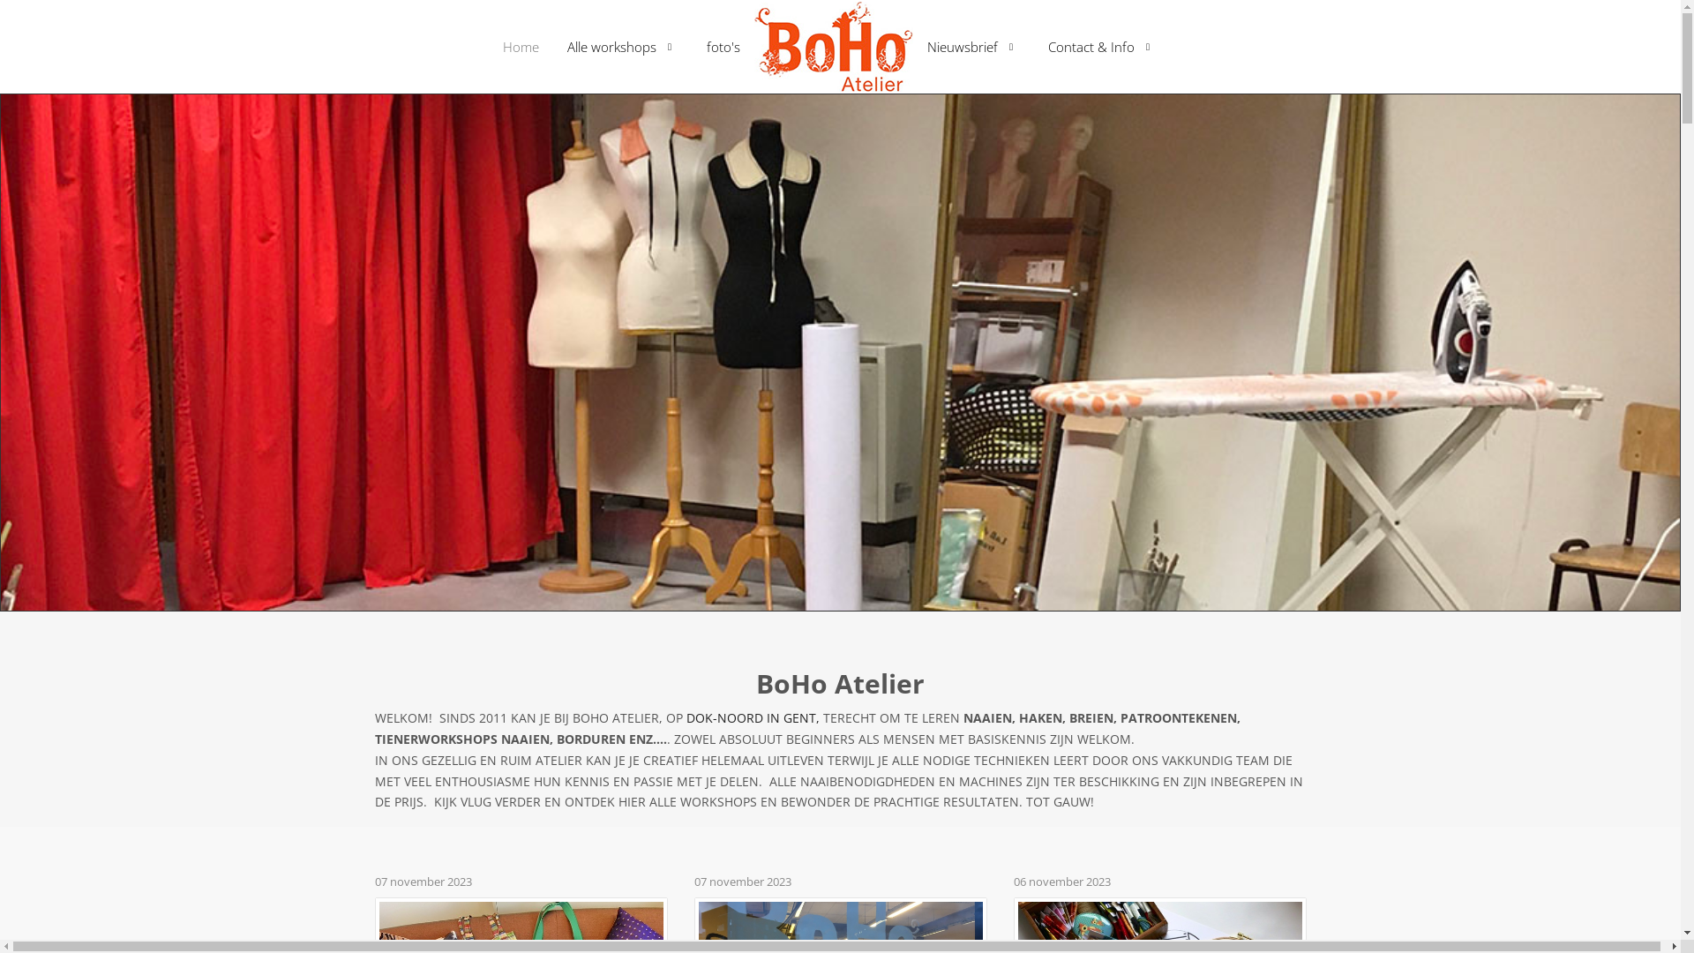 The image size is (1694, 953). I want to click on 'Home', so click(488, 46).